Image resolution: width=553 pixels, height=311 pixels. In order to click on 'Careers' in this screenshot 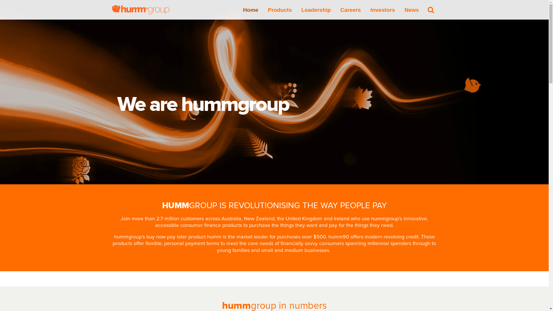, I will do `click(350, 10)`.